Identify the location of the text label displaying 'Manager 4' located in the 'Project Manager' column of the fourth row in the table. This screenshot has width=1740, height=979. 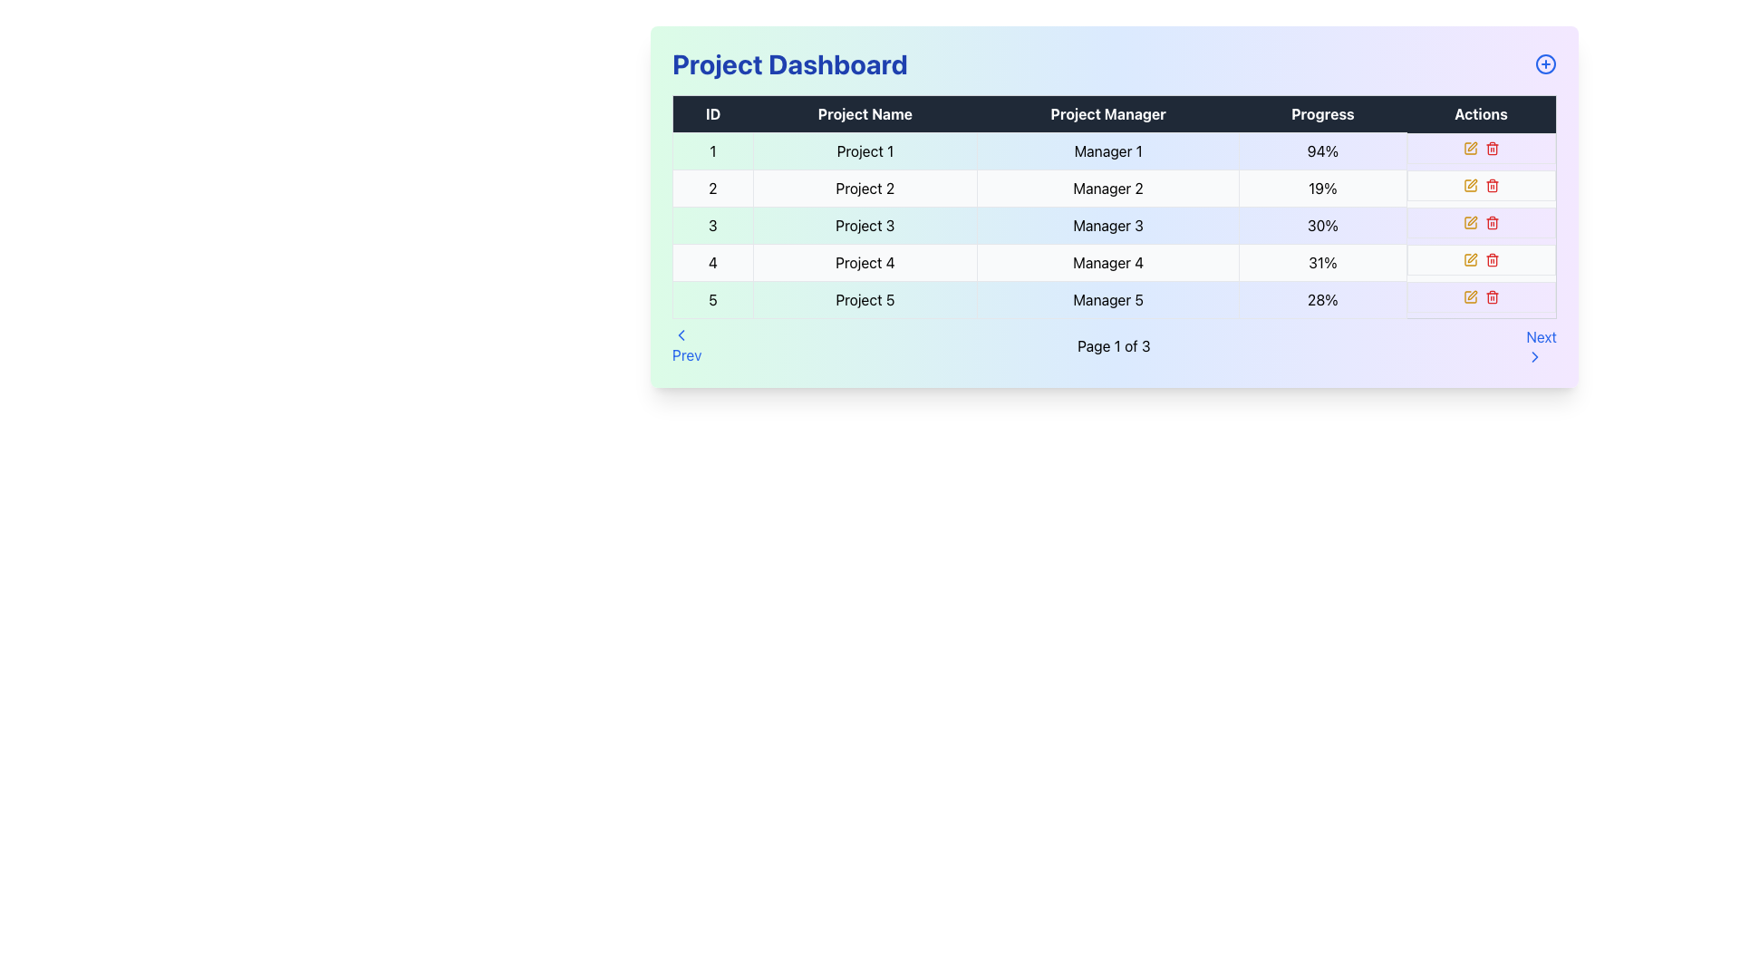
(1107, 262).